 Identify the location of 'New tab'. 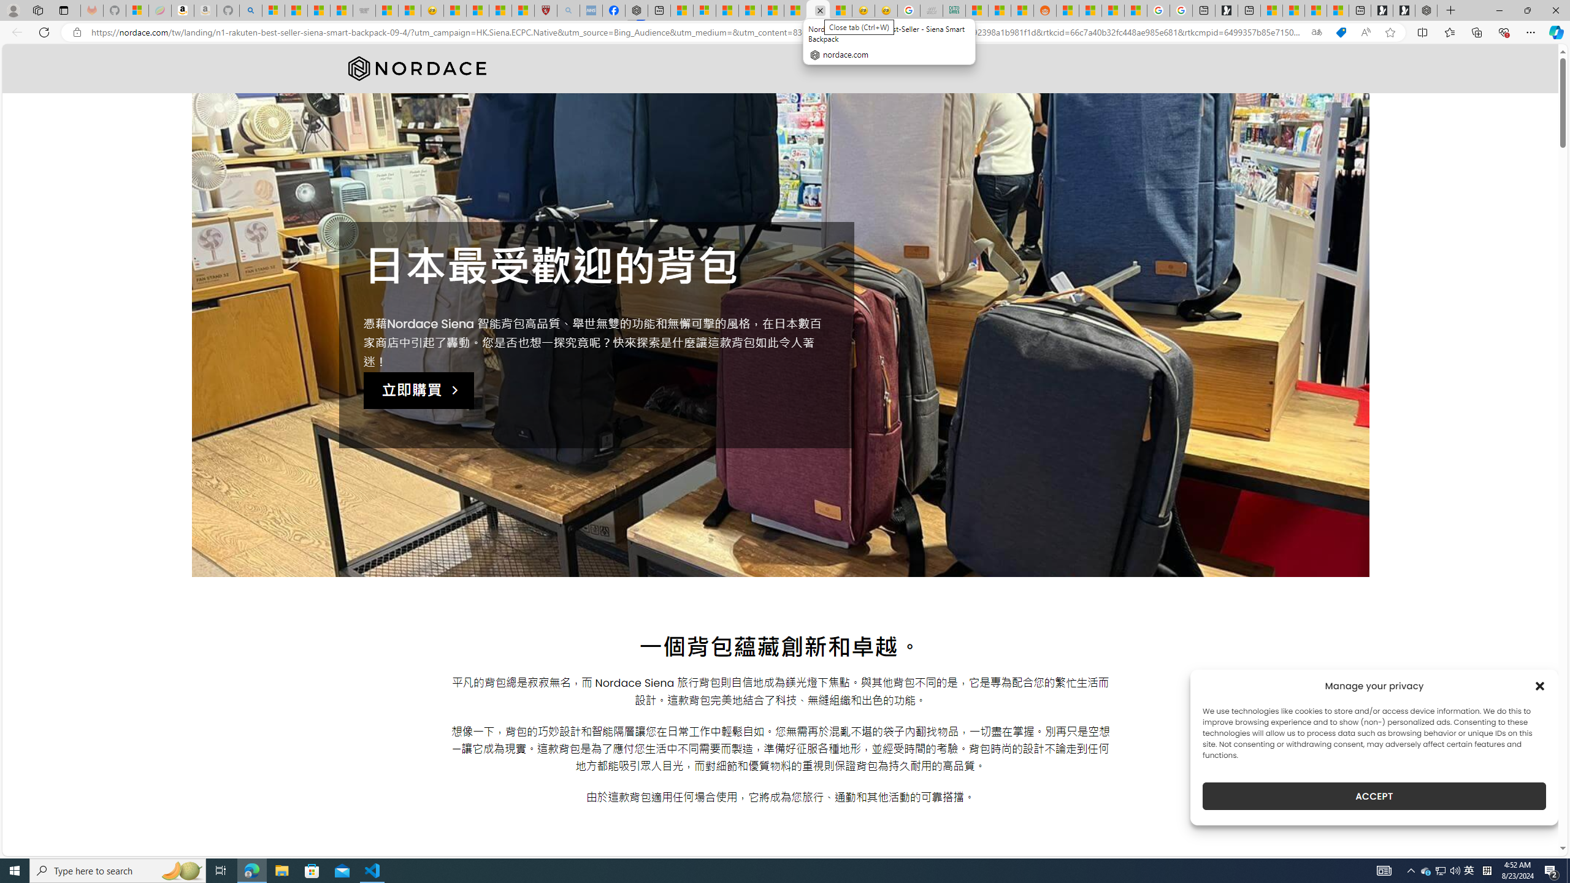
(1360, 10).